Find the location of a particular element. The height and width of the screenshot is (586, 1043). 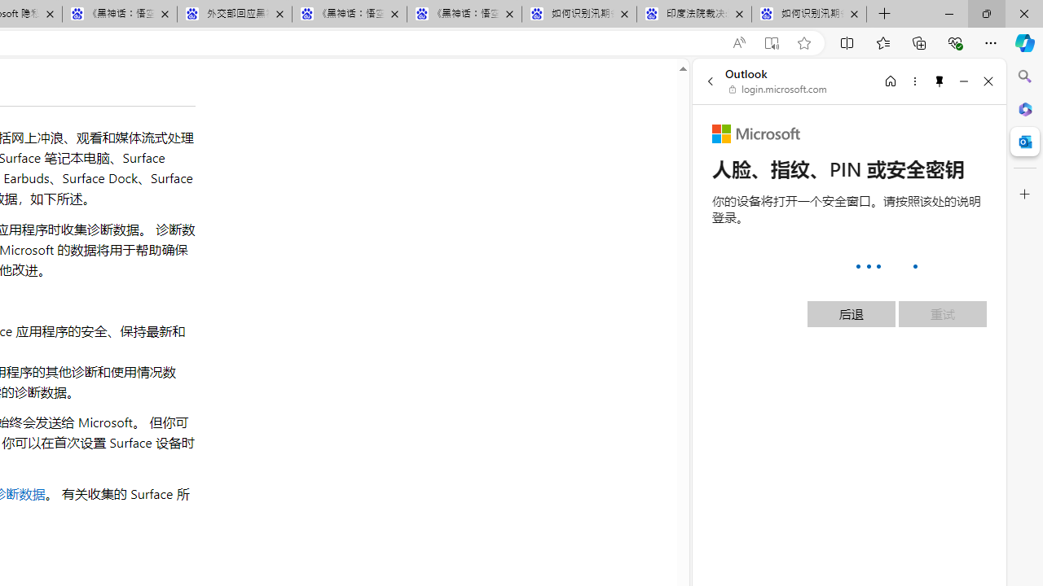

'Unpin side pane' is located at coordinates (940, 81).